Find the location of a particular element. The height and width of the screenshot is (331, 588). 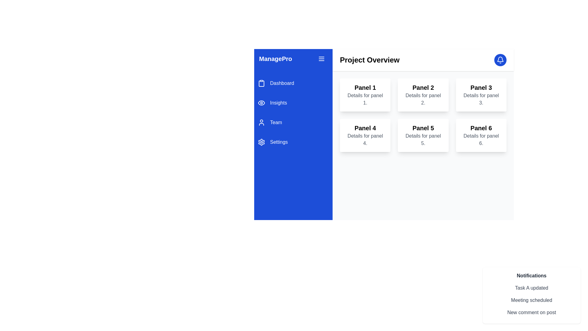

the 'Team' option in the navigation menu located in the blue sidebar on the left side of the interface is located at coordinates (293, 112).